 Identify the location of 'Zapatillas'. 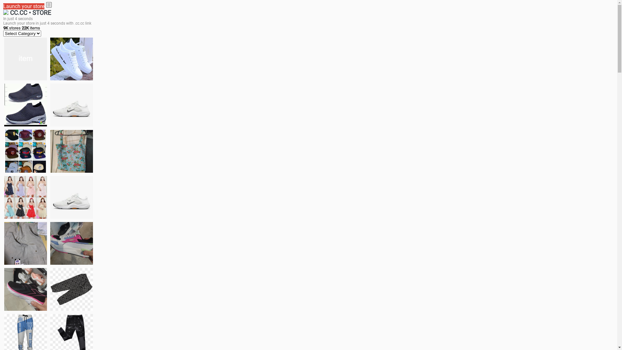
(25, 289).